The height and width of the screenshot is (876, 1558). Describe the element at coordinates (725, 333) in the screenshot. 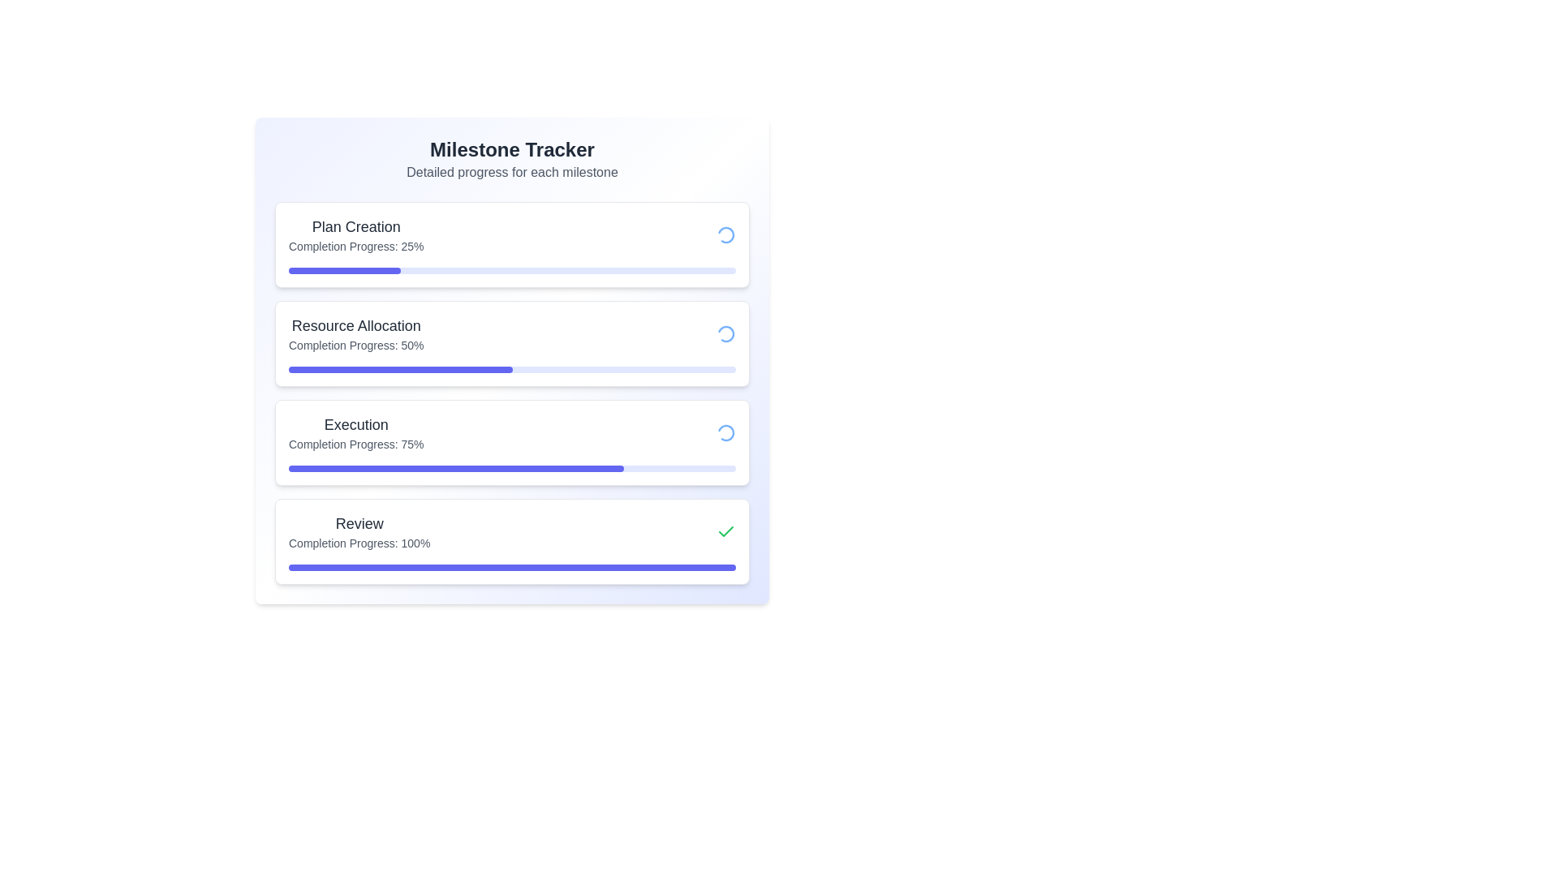

I see `the circular loading spinner, which is a minimalistic icon with a spinning animation, located to the far right of the 'Resource Allocation' milestone section` at that location.